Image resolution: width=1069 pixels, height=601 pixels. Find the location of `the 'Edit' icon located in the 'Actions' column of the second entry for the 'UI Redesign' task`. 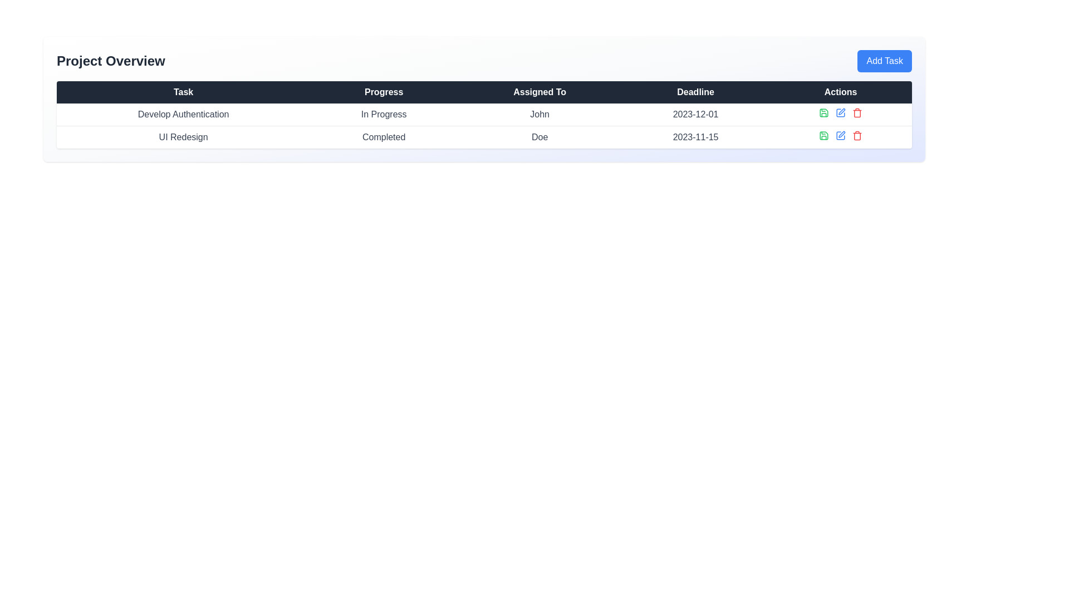

the 'Edit' icon located in the 'Actions' column of the second entry for the 'UI Redesign' task is located at coordinates (841, 135).